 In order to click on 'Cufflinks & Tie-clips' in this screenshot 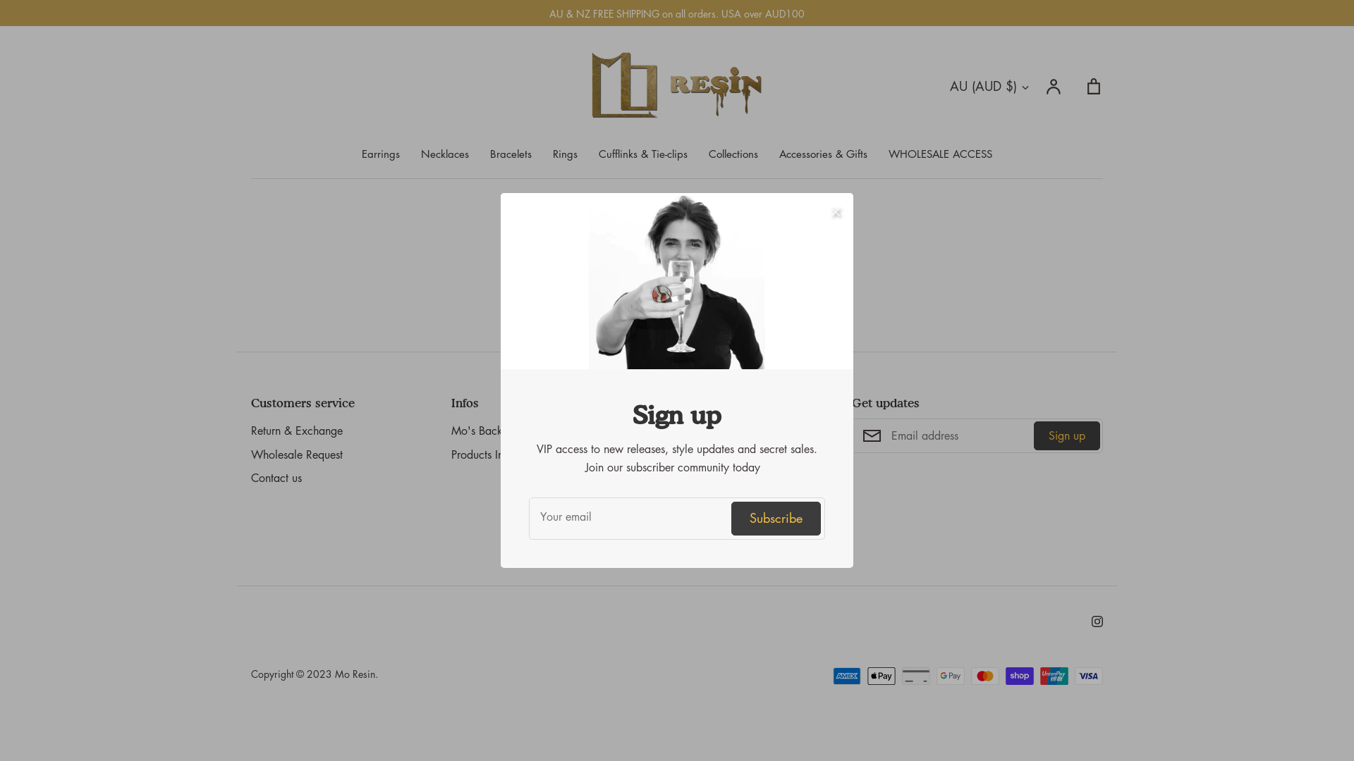, I will do `click(642, 154)`.